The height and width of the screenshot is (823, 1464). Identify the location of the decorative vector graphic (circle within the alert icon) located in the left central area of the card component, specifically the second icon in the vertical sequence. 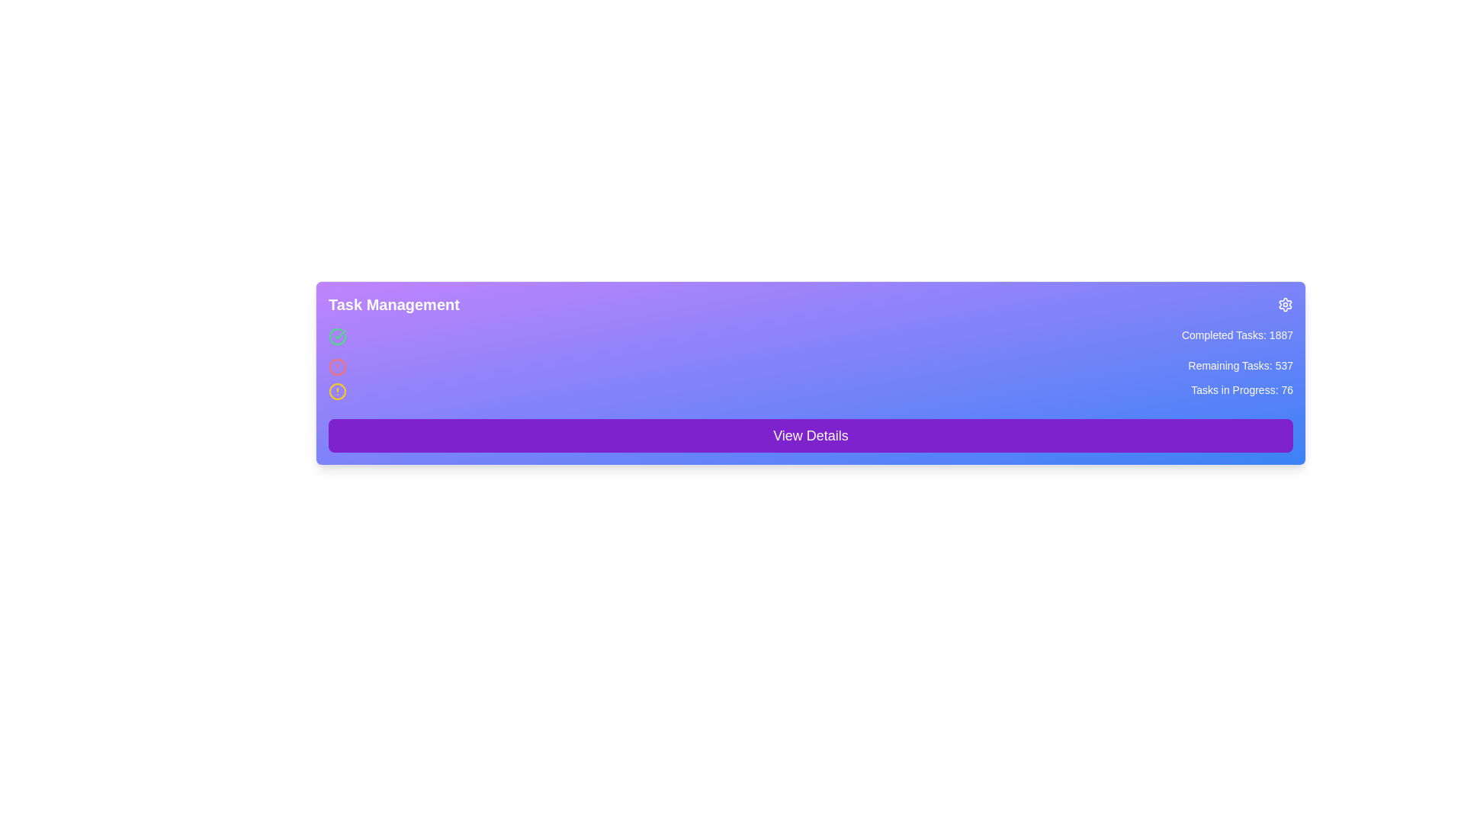
(336, 367).